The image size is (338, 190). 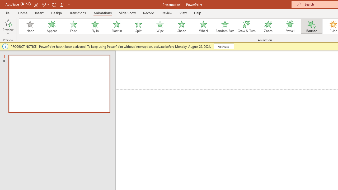 What do you see at coordinates (36, 4) in the screenshot?
I see `'Save'` at bounding box center [36, 4].